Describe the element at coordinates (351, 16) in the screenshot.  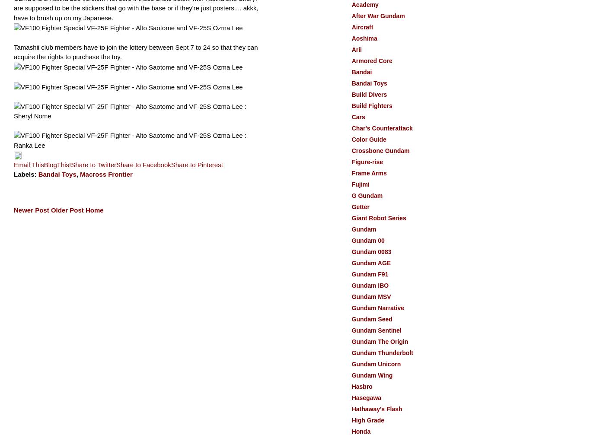
I see `'After War Gundam'` at that location.